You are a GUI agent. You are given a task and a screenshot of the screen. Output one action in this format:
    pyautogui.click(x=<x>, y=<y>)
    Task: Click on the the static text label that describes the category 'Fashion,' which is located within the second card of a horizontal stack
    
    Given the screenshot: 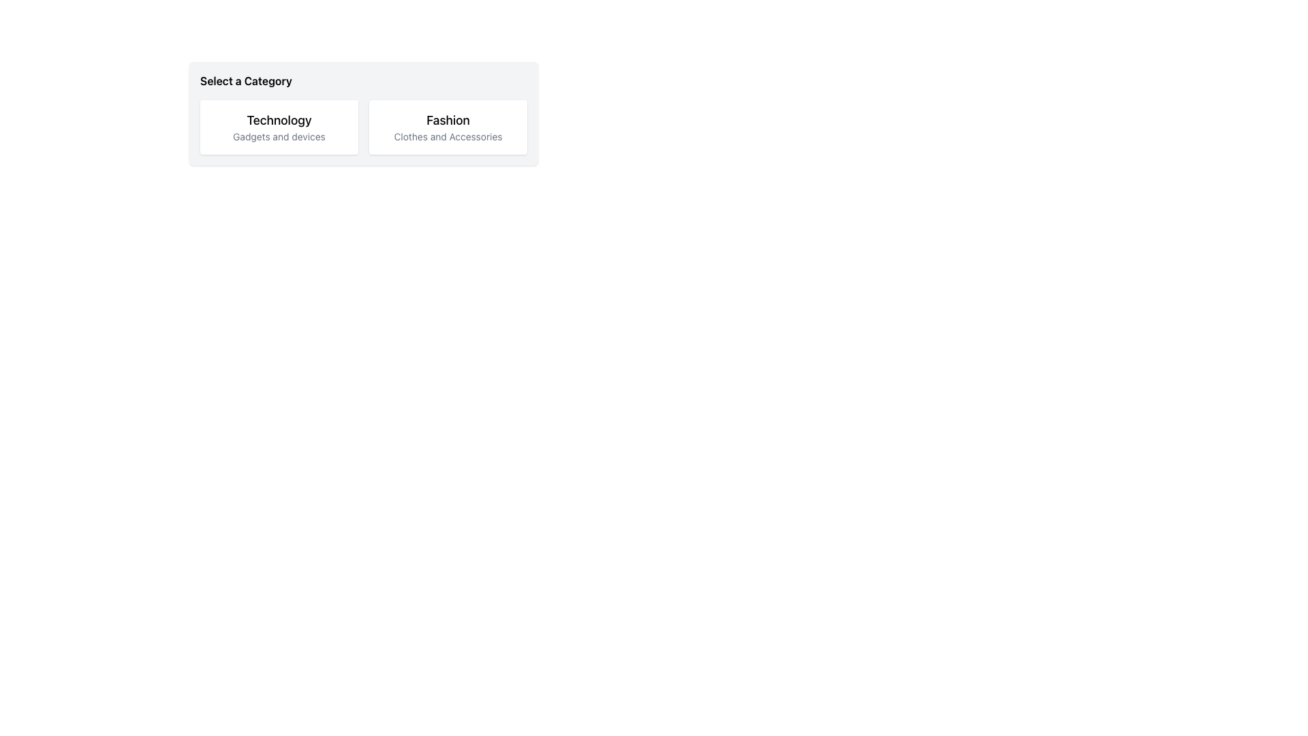 What is the action you would take?
    pyautogui.click(x=448, y=136)
    